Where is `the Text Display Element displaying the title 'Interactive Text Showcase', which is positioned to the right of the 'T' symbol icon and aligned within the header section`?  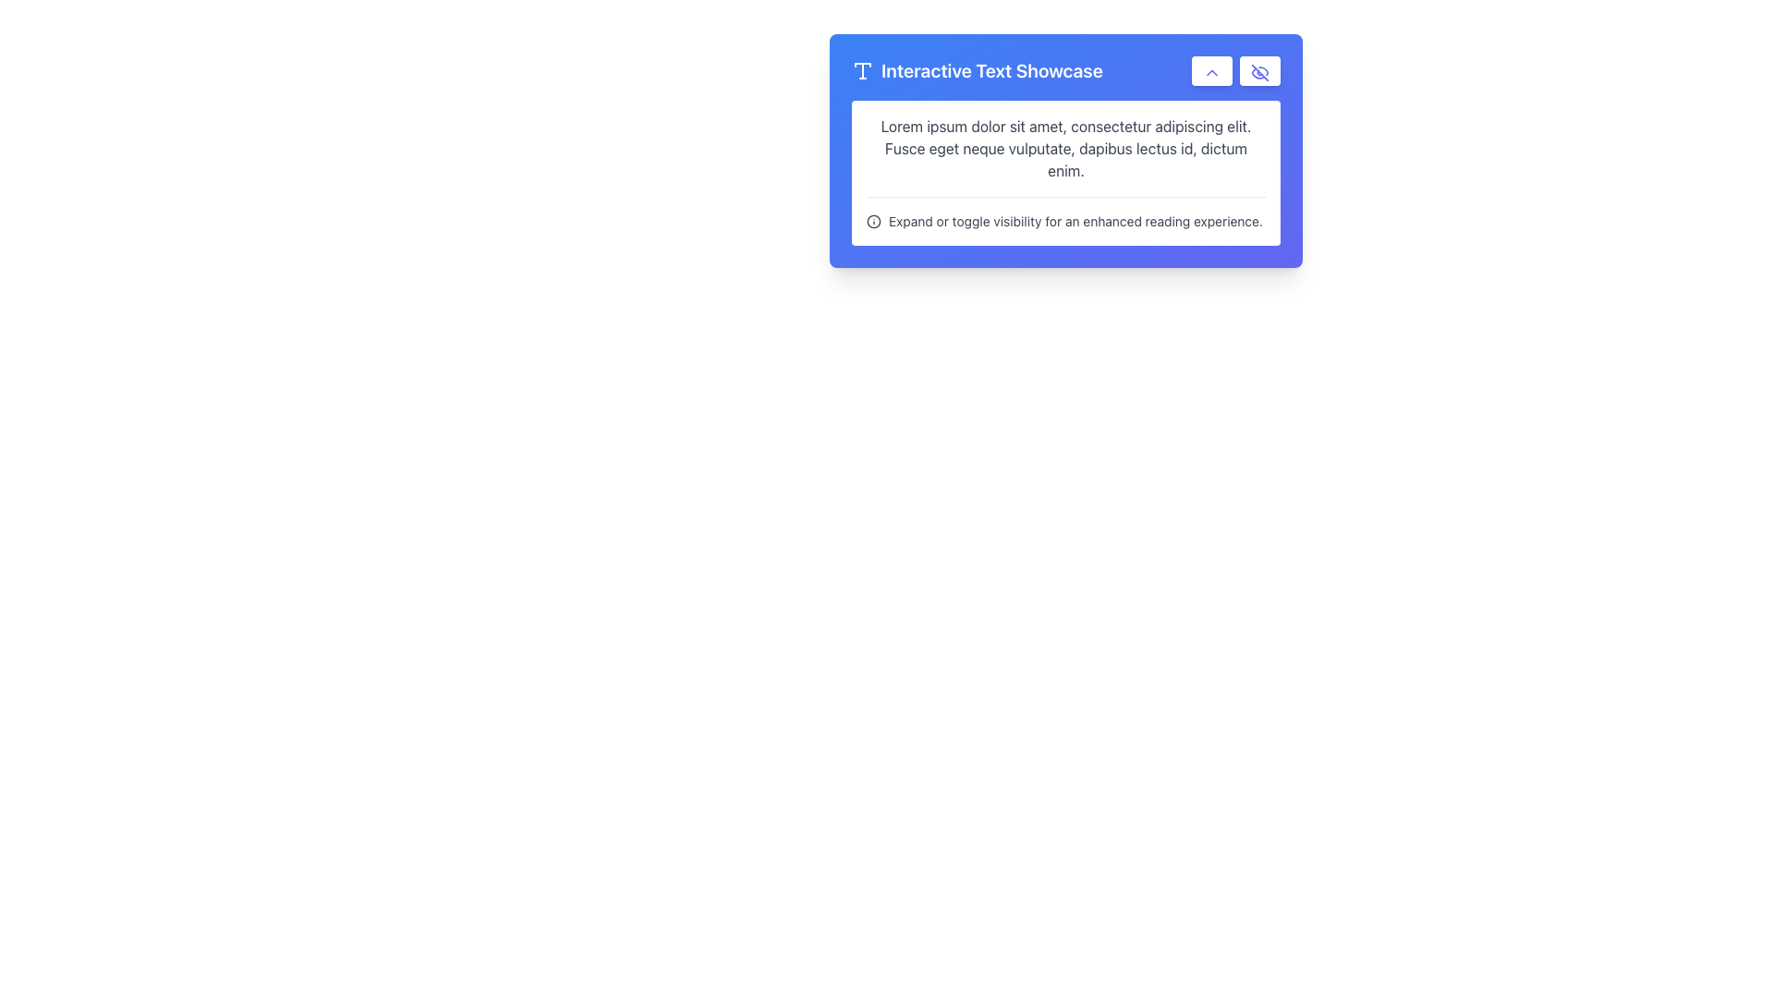 the Text Display Element displaying the title 'Interactive Text Showcase', which is positioned to the right of the 'T' symbol icon and aligned within the header section is located at coordinates (990, 70).